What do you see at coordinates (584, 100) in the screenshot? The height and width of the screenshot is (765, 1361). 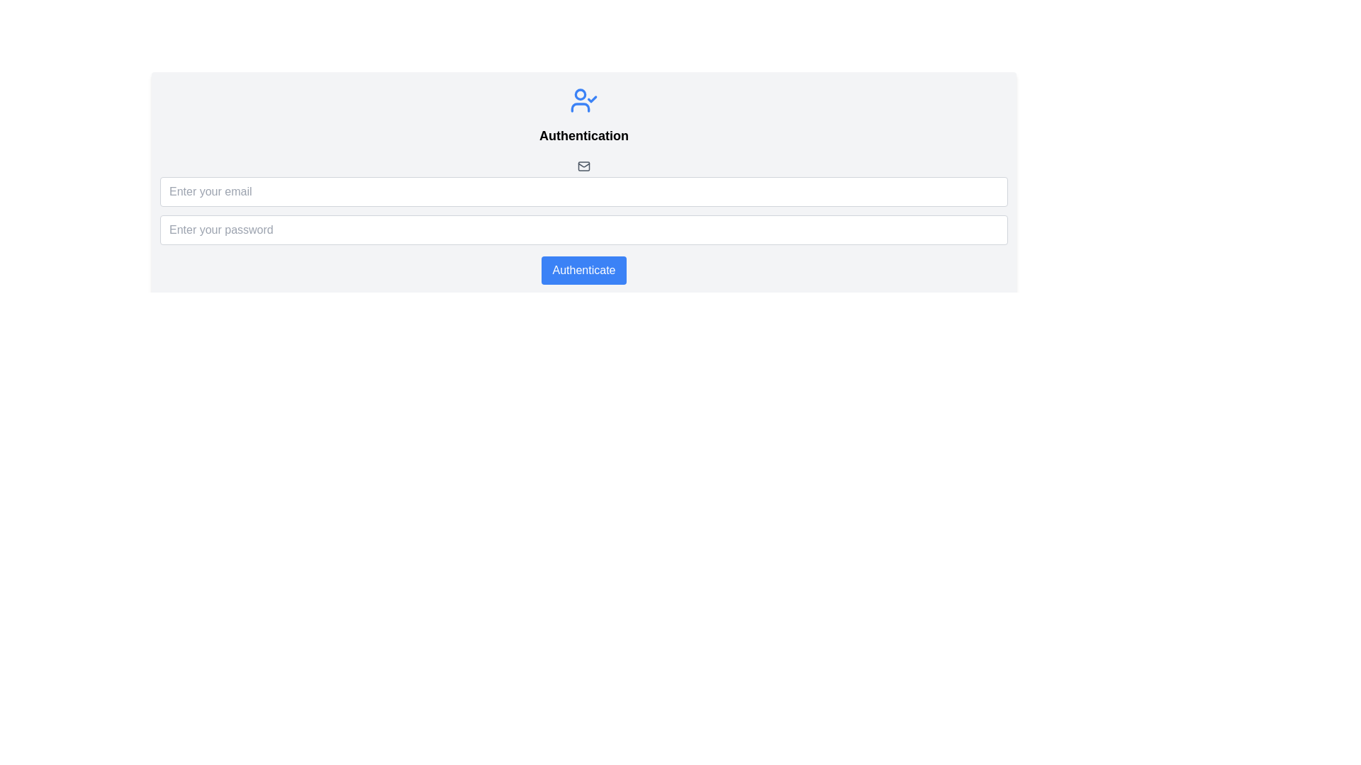 I see `the user authentication icon that indicates completion or verification, located at the top edge of the interface above the 'Authentication' heading` at bounding box center [584, 100].